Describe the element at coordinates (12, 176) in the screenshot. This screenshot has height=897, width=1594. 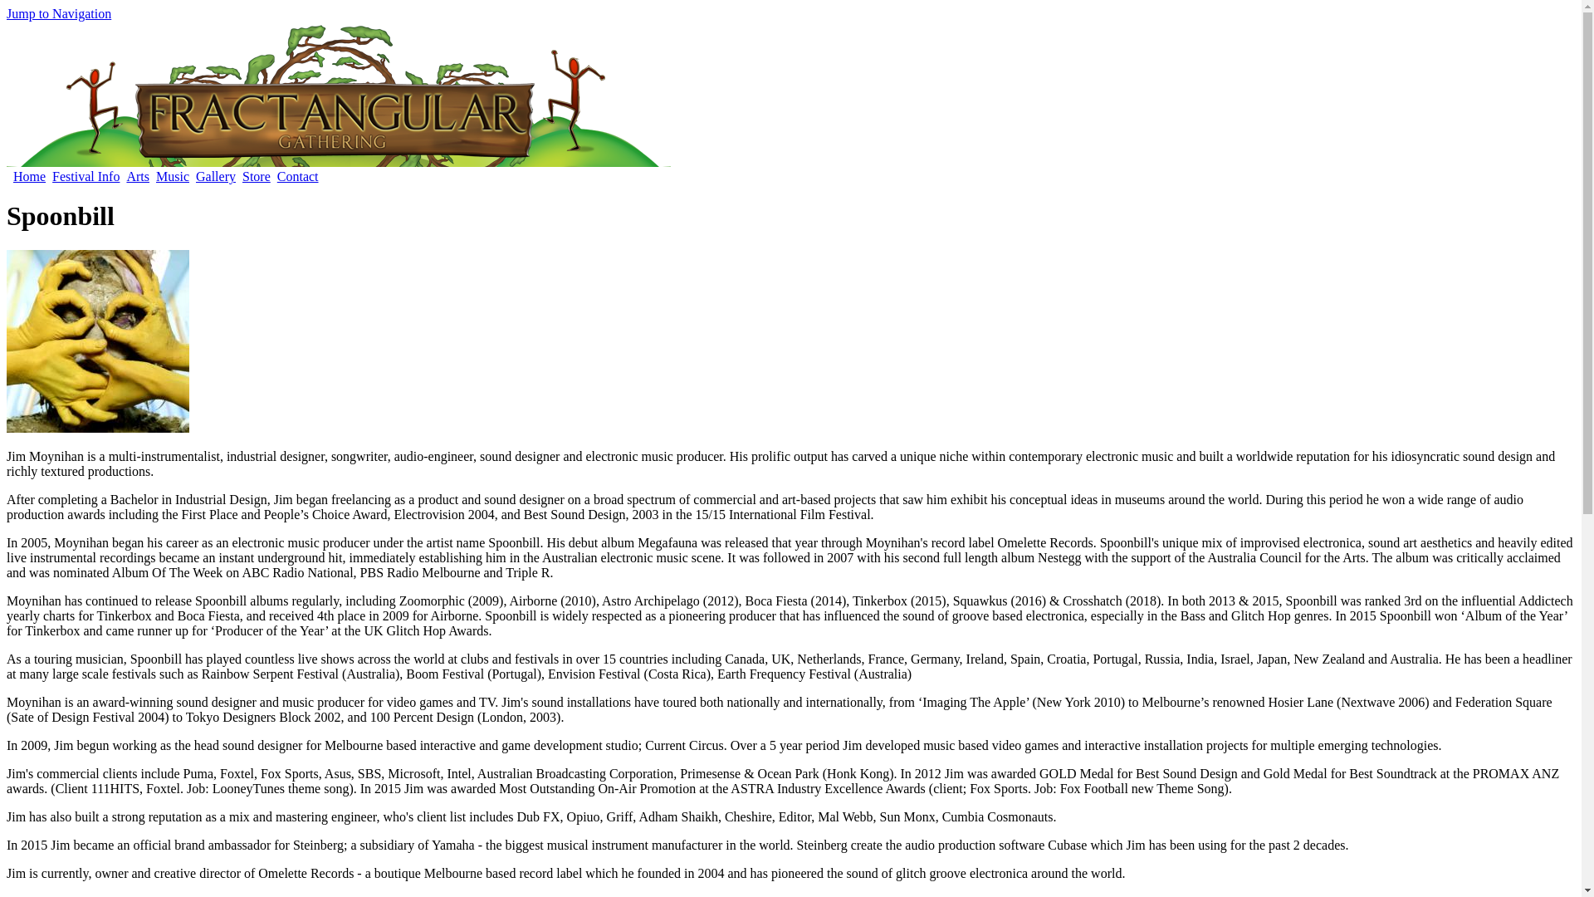
I see `'Home'` at that location.